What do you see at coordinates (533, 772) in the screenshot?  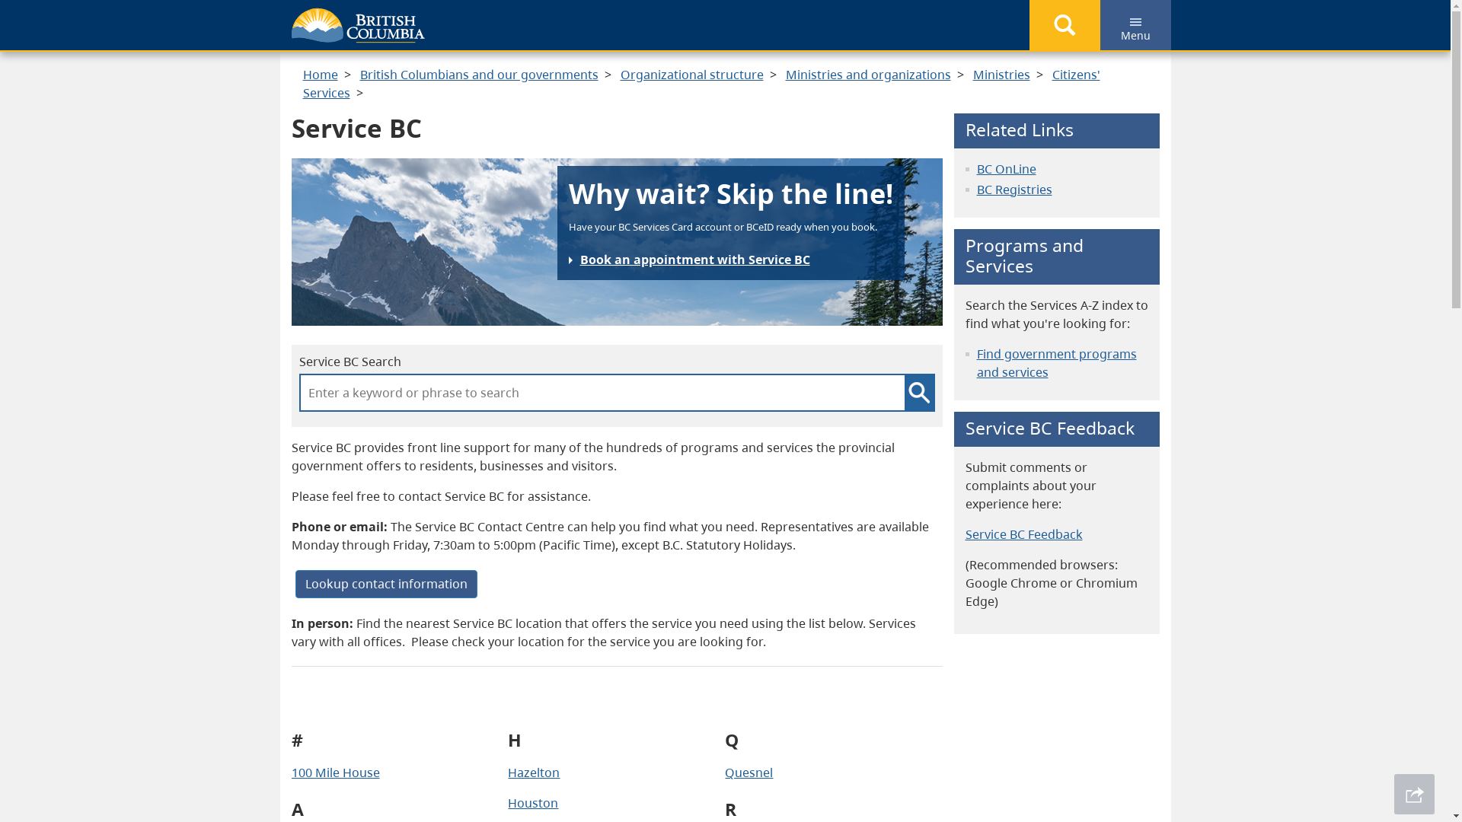 I see `'Hazelton'` at bounding box center [533, 772].